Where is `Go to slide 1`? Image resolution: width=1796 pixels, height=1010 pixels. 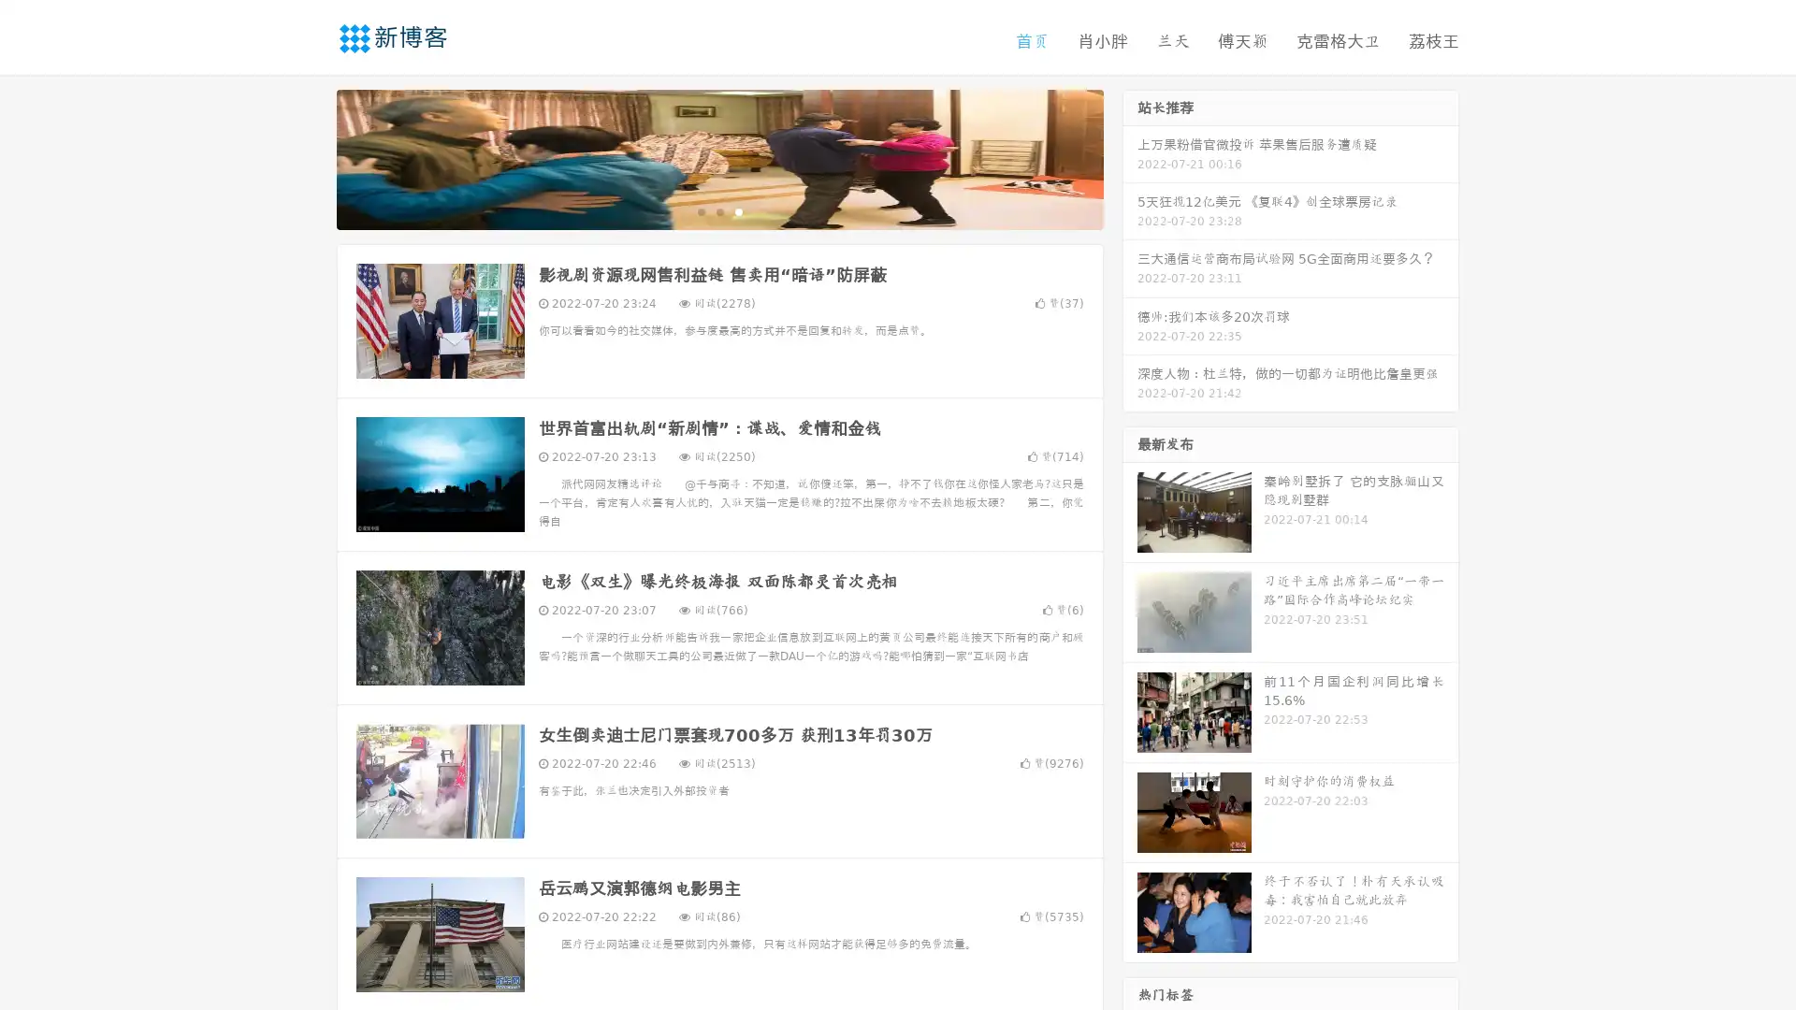 Go to slide 1 is located at coordinates (700, 210).